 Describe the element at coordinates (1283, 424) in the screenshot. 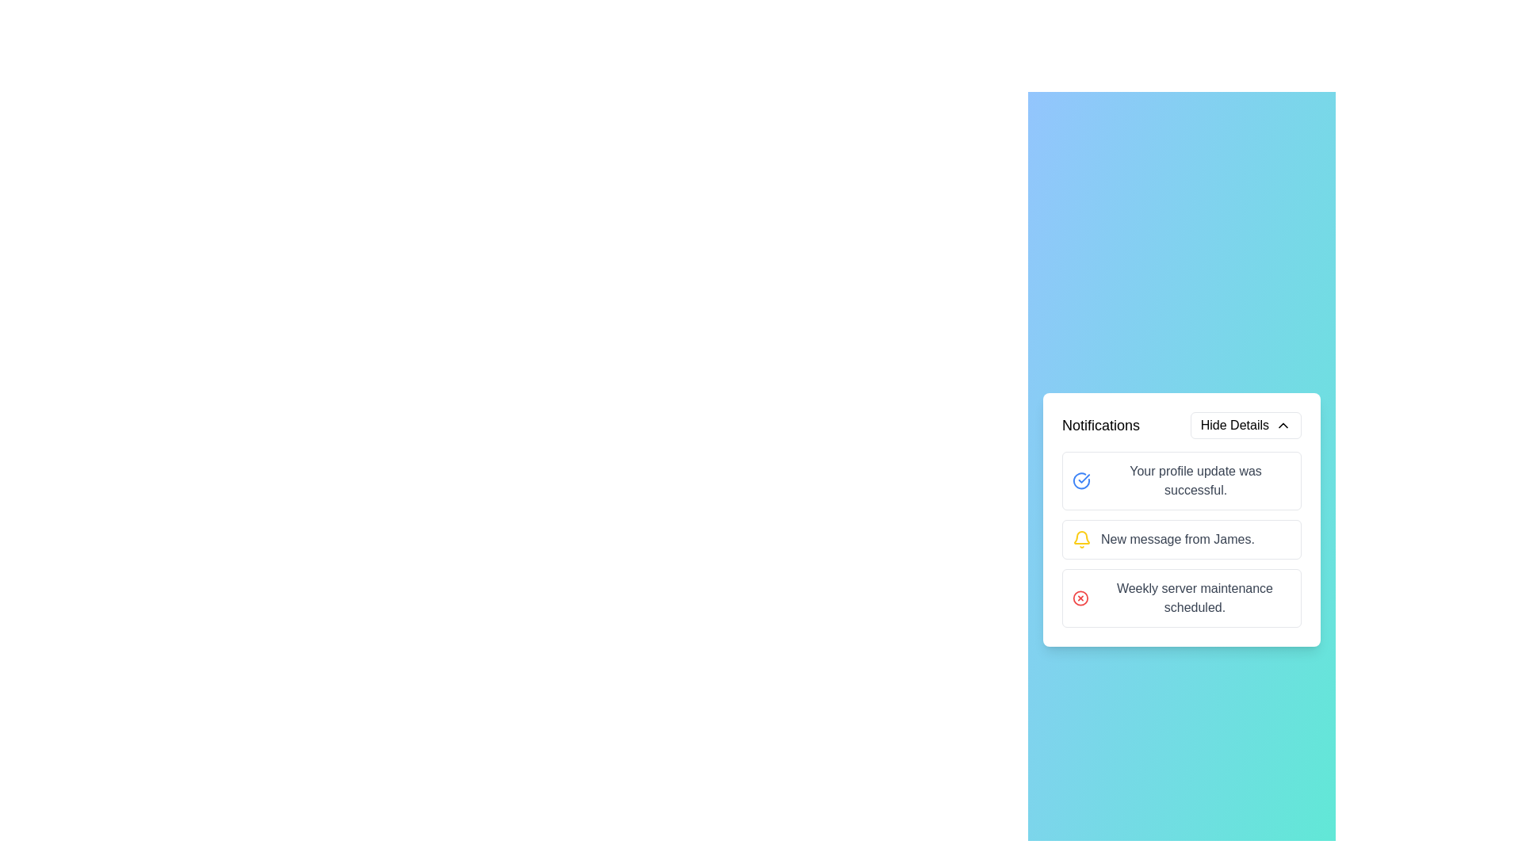

I see `the chevron icon located at the far right of the 'Hide Details' button in the header section of the notification card` at that location.